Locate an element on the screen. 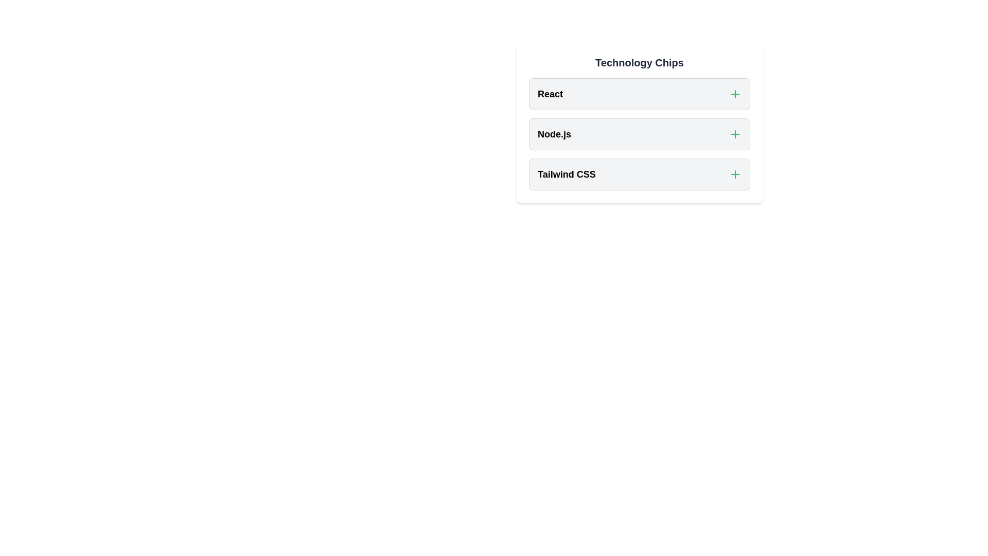 Image resolution: width=988 pixels, height=556 pixels. the title of the chip named Node.js to focus on it is located at coordinates (554, 134).